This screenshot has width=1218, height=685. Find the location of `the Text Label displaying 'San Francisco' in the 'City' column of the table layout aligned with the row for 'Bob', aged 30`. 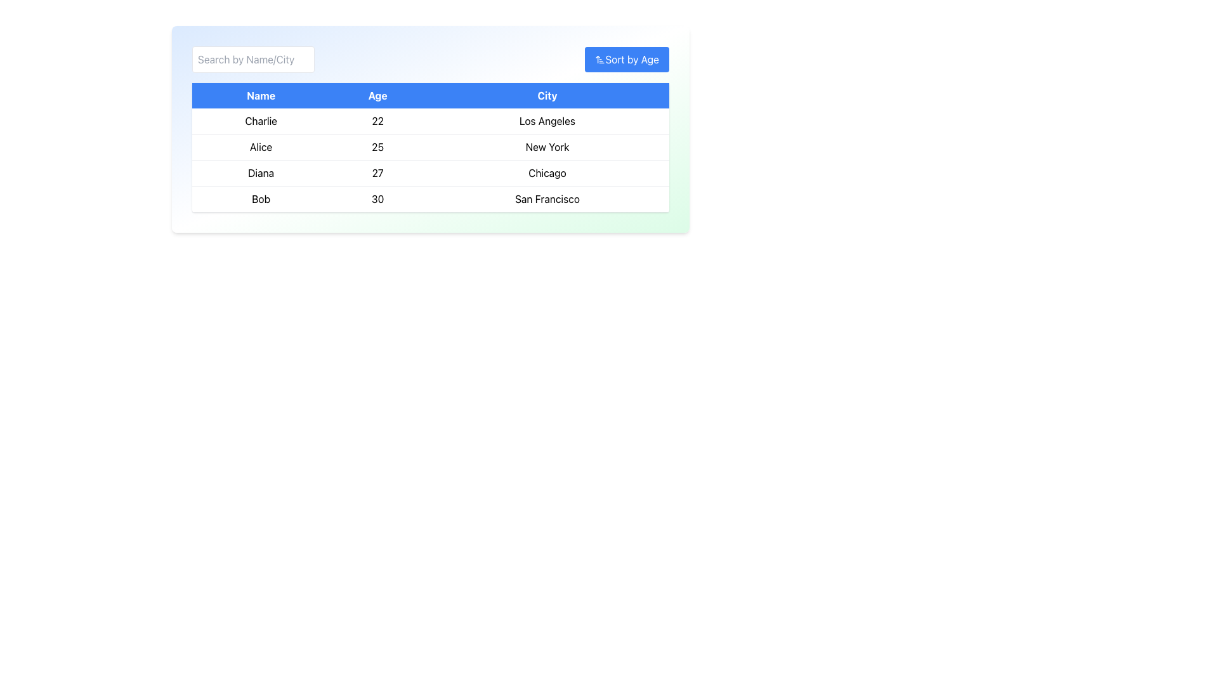

the Text Label displaying 'San Francisco' in the 'City' column of the table layout aligned with the row for 'Bob', aged 30 is located at coordinates (547, 199).